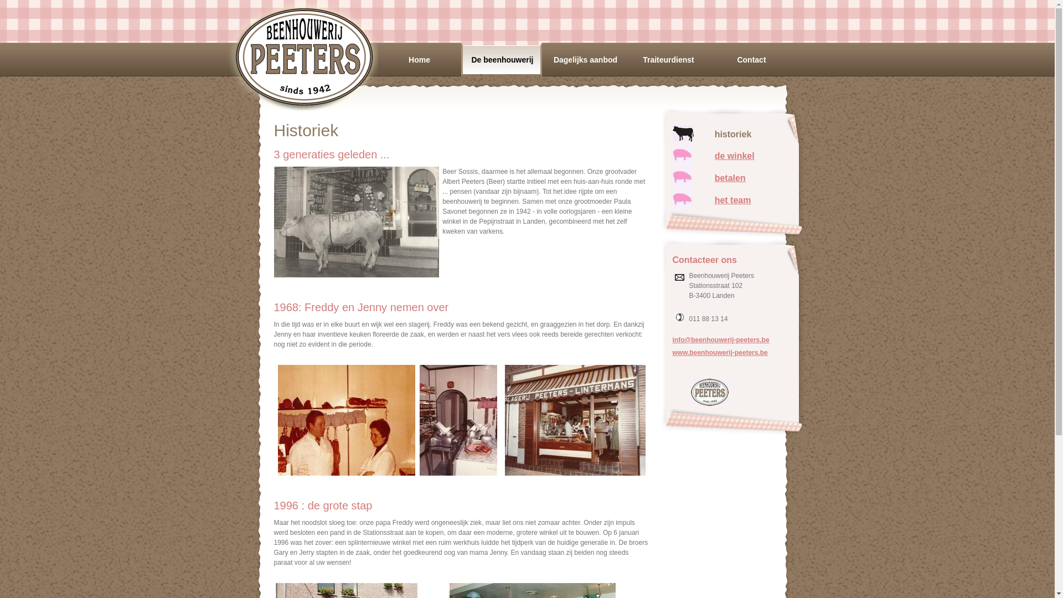  I want to click on 'telefoon', so click(679, 317).